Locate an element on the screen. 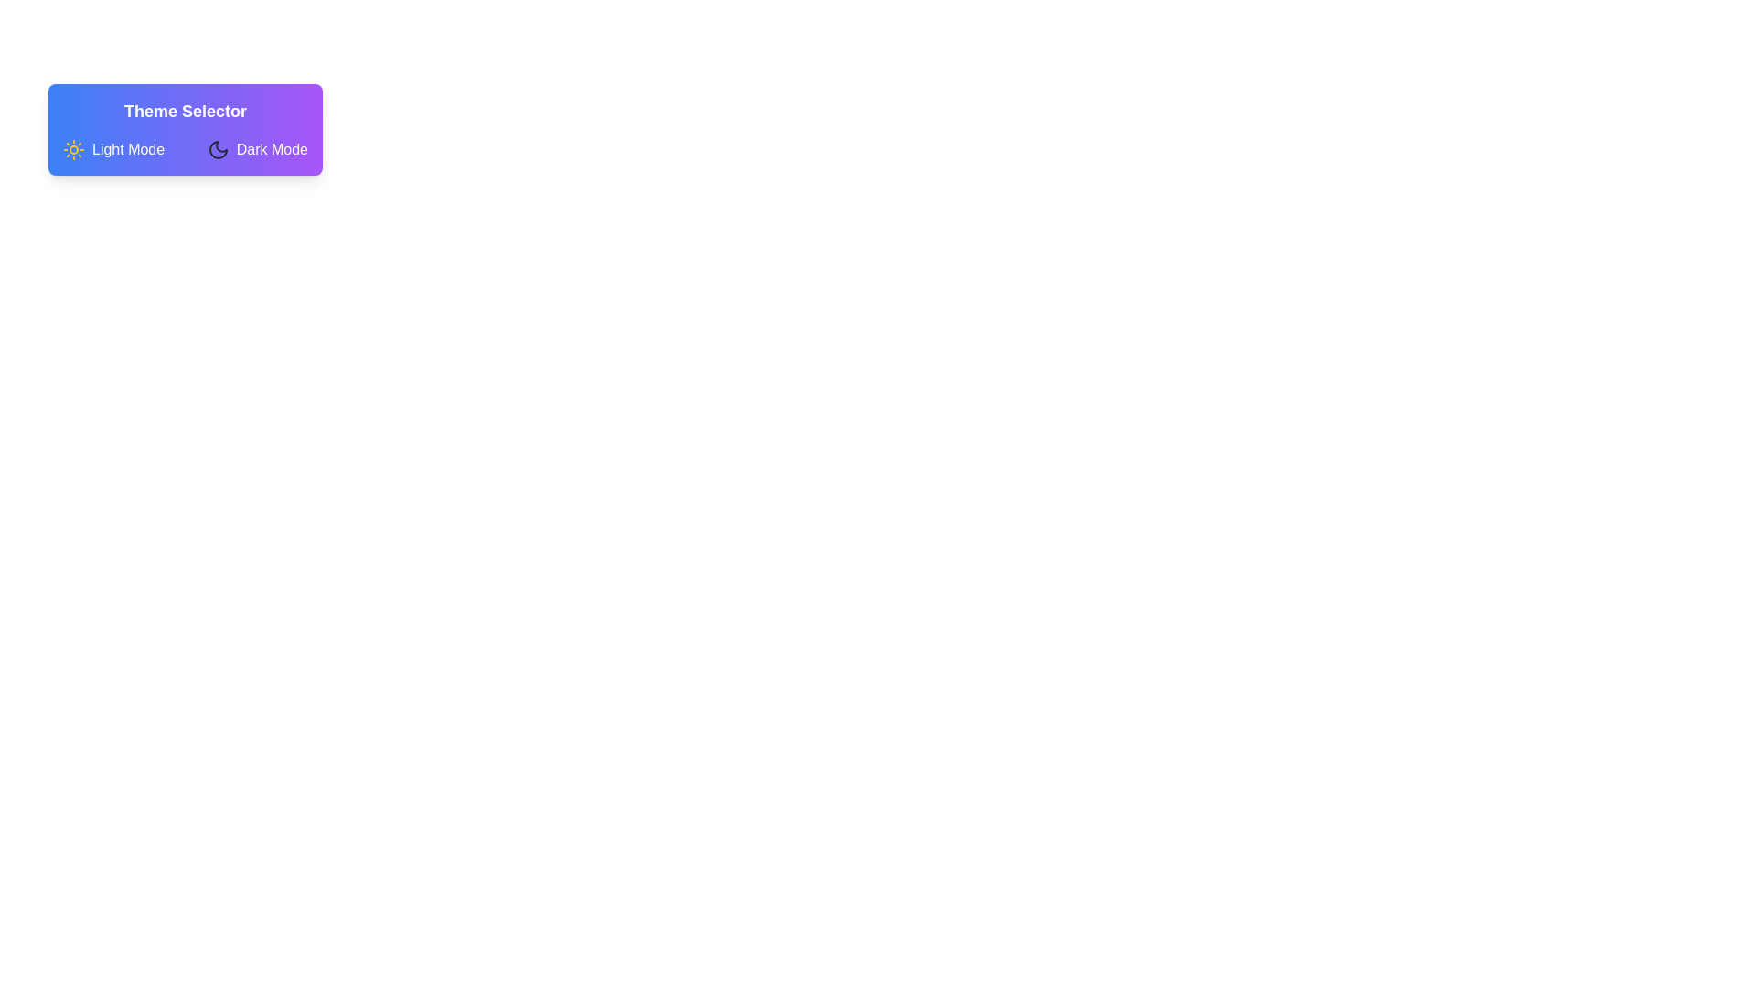 The height and width of the screenshot is (988, 1756). the crescent moon icon in the lower right corner of the 'Theme Selector' card is located at coordinates (218, 149).